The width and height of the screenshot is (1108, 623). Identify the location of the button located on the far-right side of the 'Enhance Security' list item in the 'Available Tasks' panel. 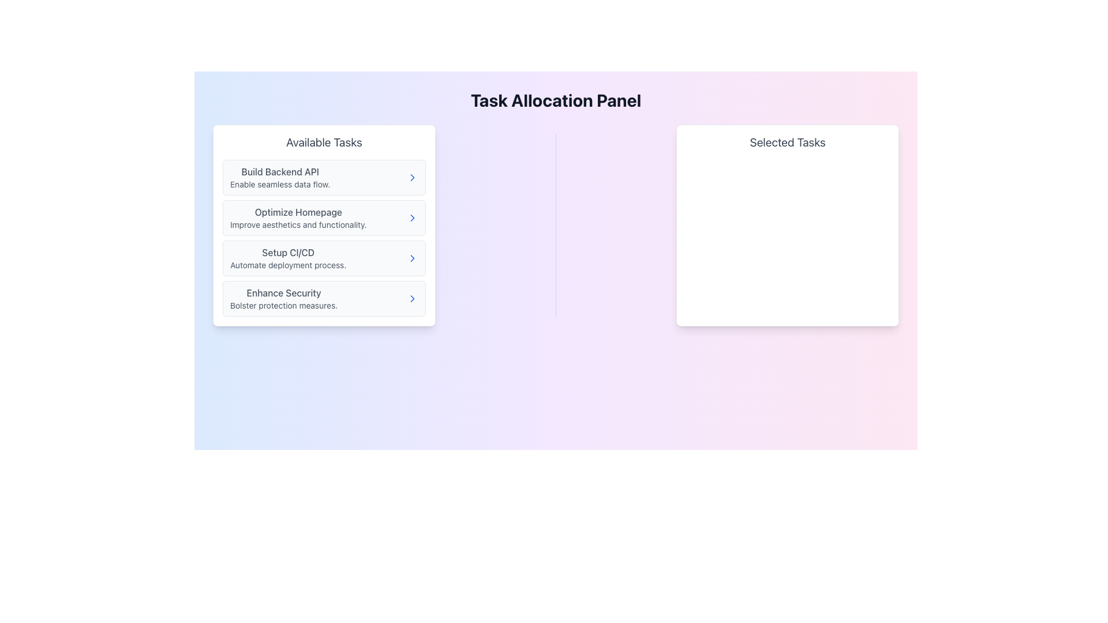
(412, 298).